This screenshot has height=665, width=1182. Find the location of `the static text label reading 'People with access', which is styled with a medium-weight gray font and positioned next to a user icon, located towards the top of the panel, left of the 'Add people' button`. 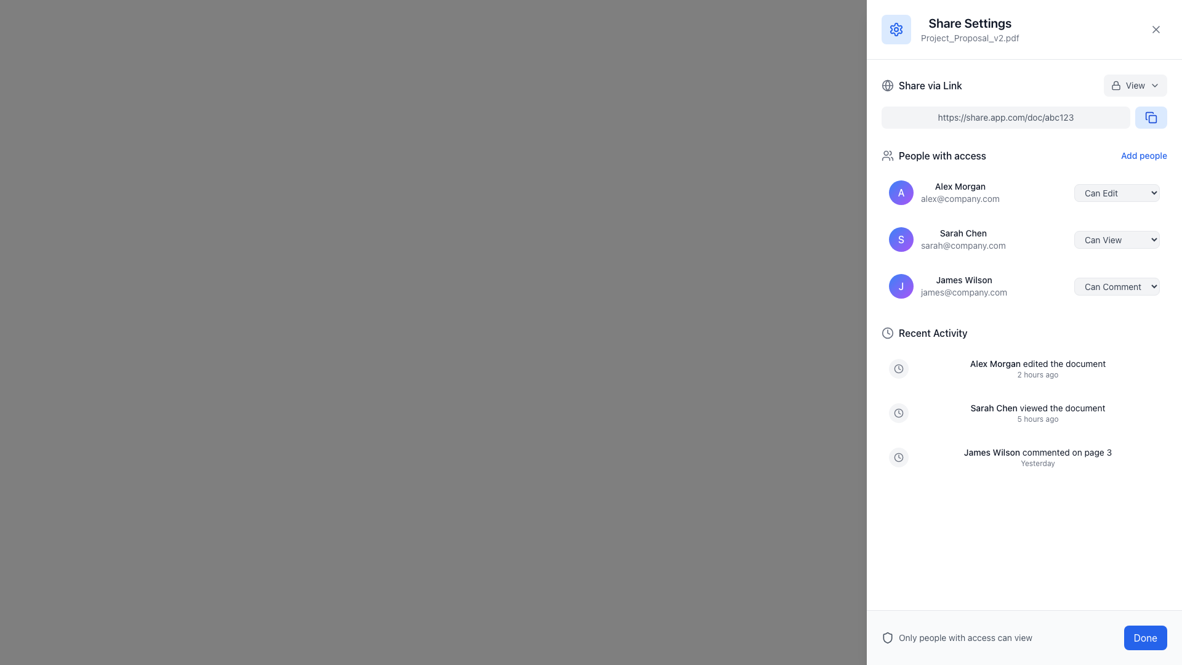

the static text label reading 'People with access', which is styled with a medium-weight gray font and positioned next to a user icon, located towards the top of the panel, left of the 'Add people' button is located at coordinates (933, 155).